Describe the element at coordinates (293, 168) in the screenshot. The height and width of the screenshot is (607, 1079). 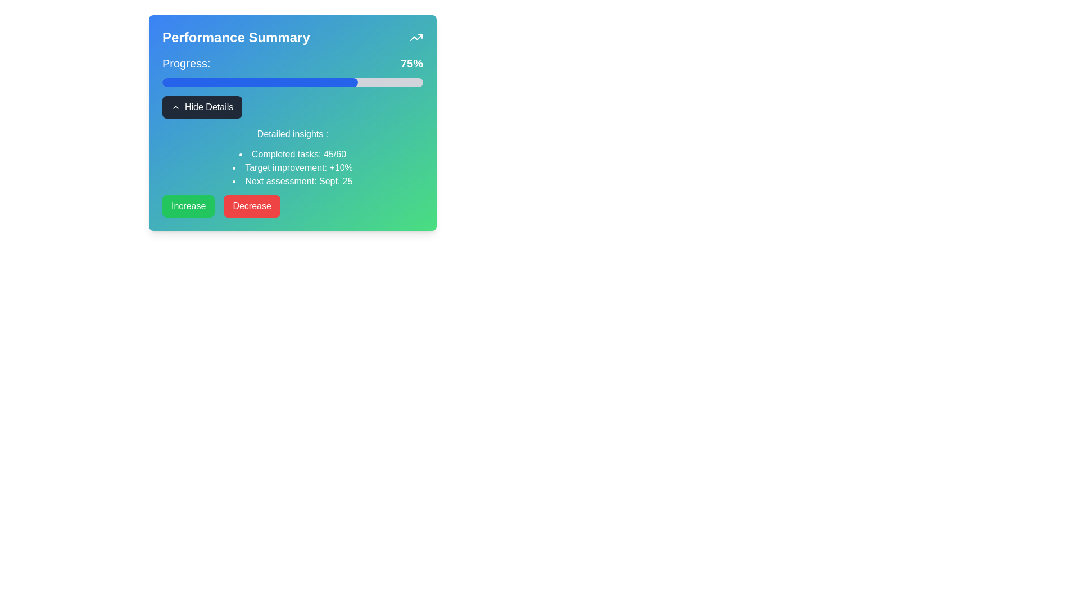
I see `the Bullet list located below the heading 'Detailed insights :' and above the 'Increase' and 'Decrease' buttons, which provides performance information including completed tasks, improvement targets, and upcoming assessment dates` at that location.